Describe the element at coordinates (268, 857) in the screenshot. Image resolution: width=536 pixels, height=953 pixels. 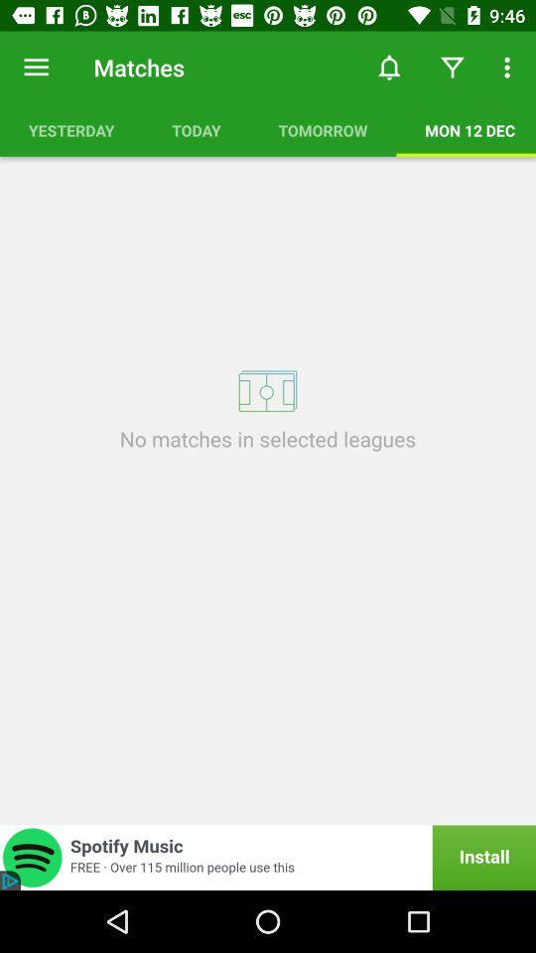
I see `click on advertisement` at that location.